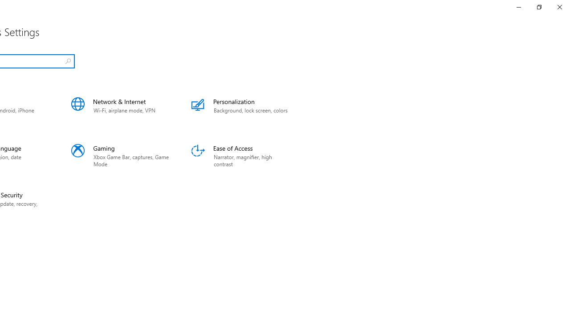 This screenshot has height=320, width=570. What do you see at coordinates (240, 156) in the screenshot?
I see `'Ease of Access'` at bounding box center [240, 156].